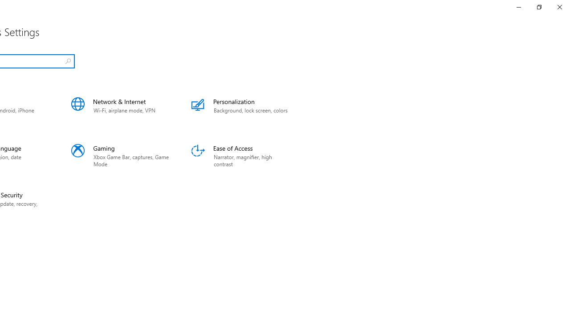 This screenshot has height=320, width=570. What do you see at coordinates (240, 156) in the screenshot?
I see `'Ease of Access'` at bounding box center [240, 156].